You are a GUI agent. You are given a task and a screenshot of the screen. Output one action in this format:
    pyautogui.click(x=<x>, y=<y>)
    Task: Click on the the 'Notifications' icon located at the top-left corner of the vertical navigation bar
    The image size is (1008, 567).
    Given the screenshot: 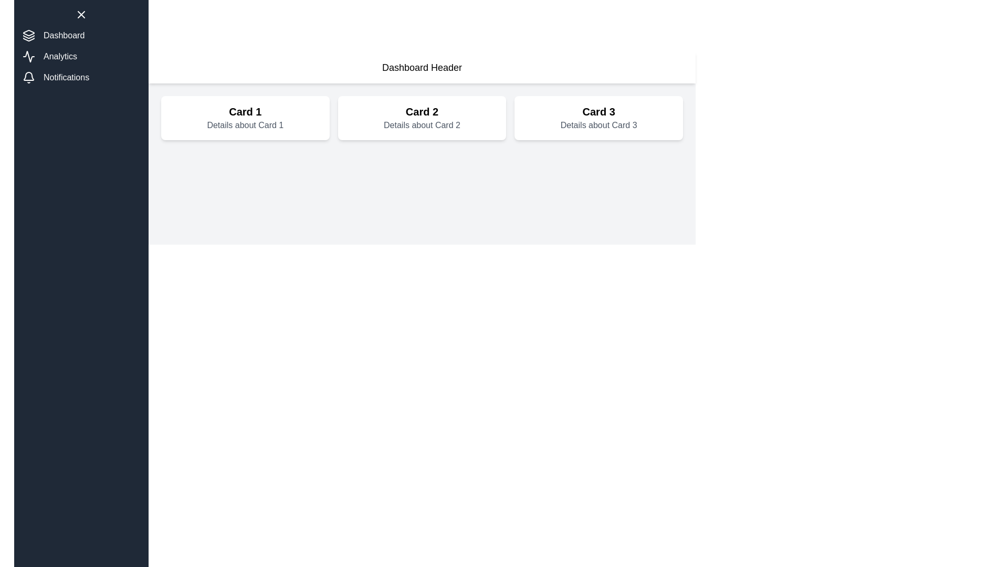 What is the action you would take?
    pyautogui.click(x=28, y=77)
    